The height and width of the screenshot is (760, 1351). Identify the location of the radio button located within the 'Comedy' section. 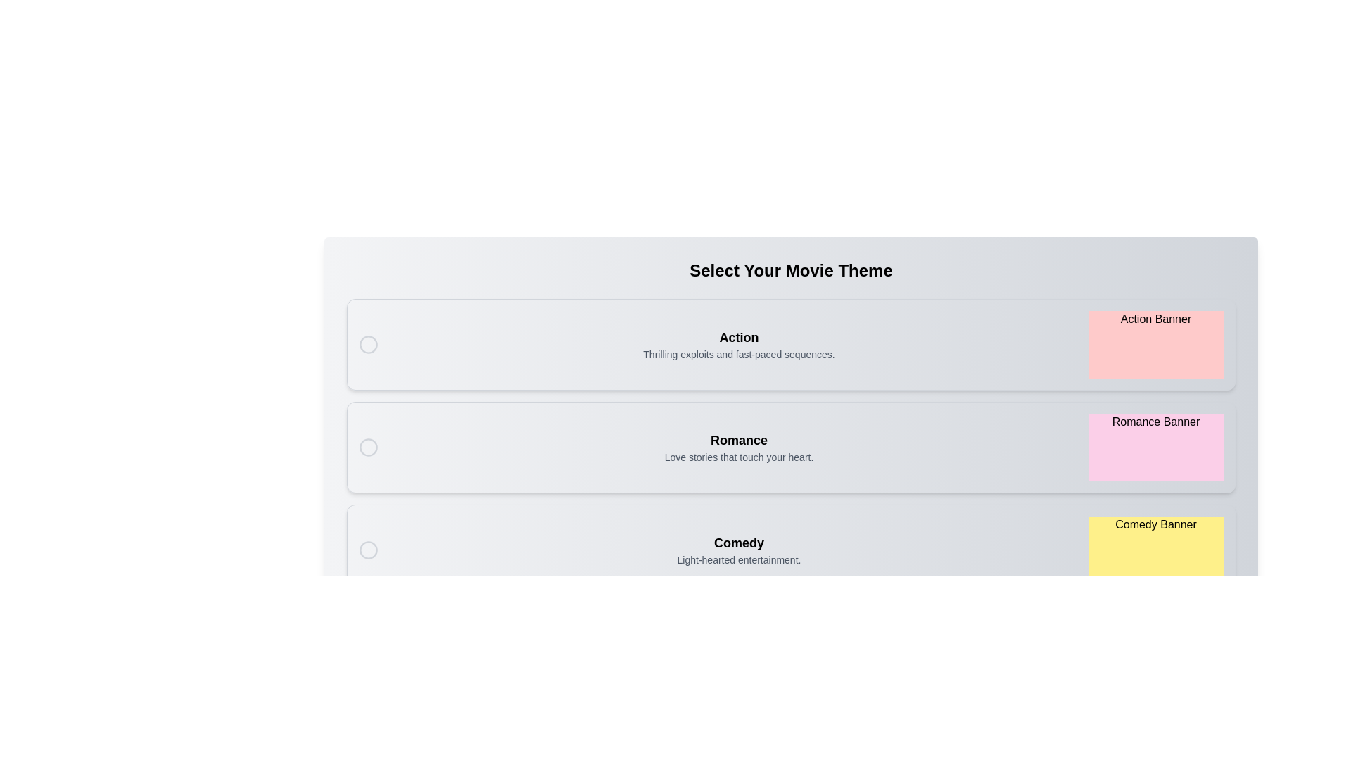
(368, 550).